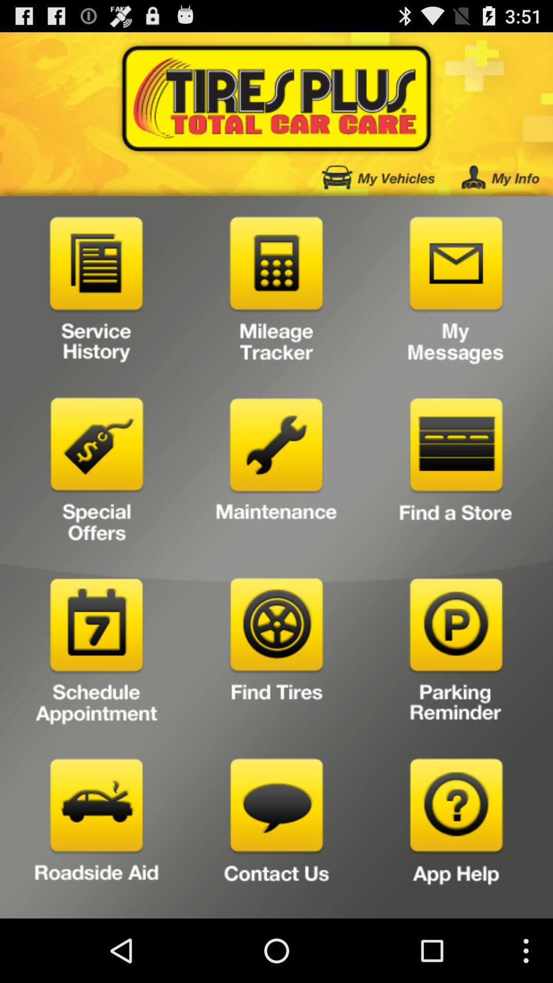  What do you see at coordinates (97, 835) in the screenshot?
I see `icon at the bottom left corner` at bounding box center [97, 835].